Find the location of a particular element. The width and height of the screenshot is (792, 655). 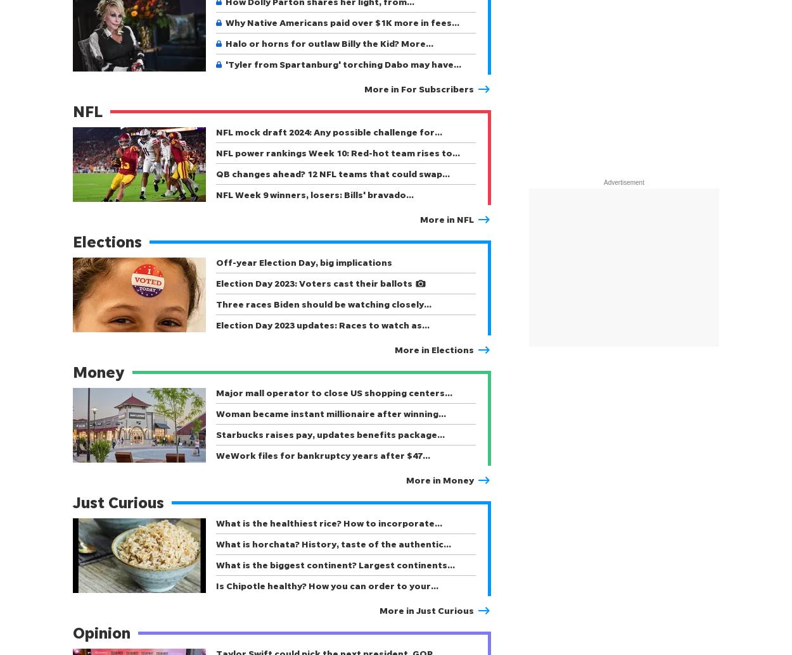

'More in Elections' is located at coordinates (434, 349).